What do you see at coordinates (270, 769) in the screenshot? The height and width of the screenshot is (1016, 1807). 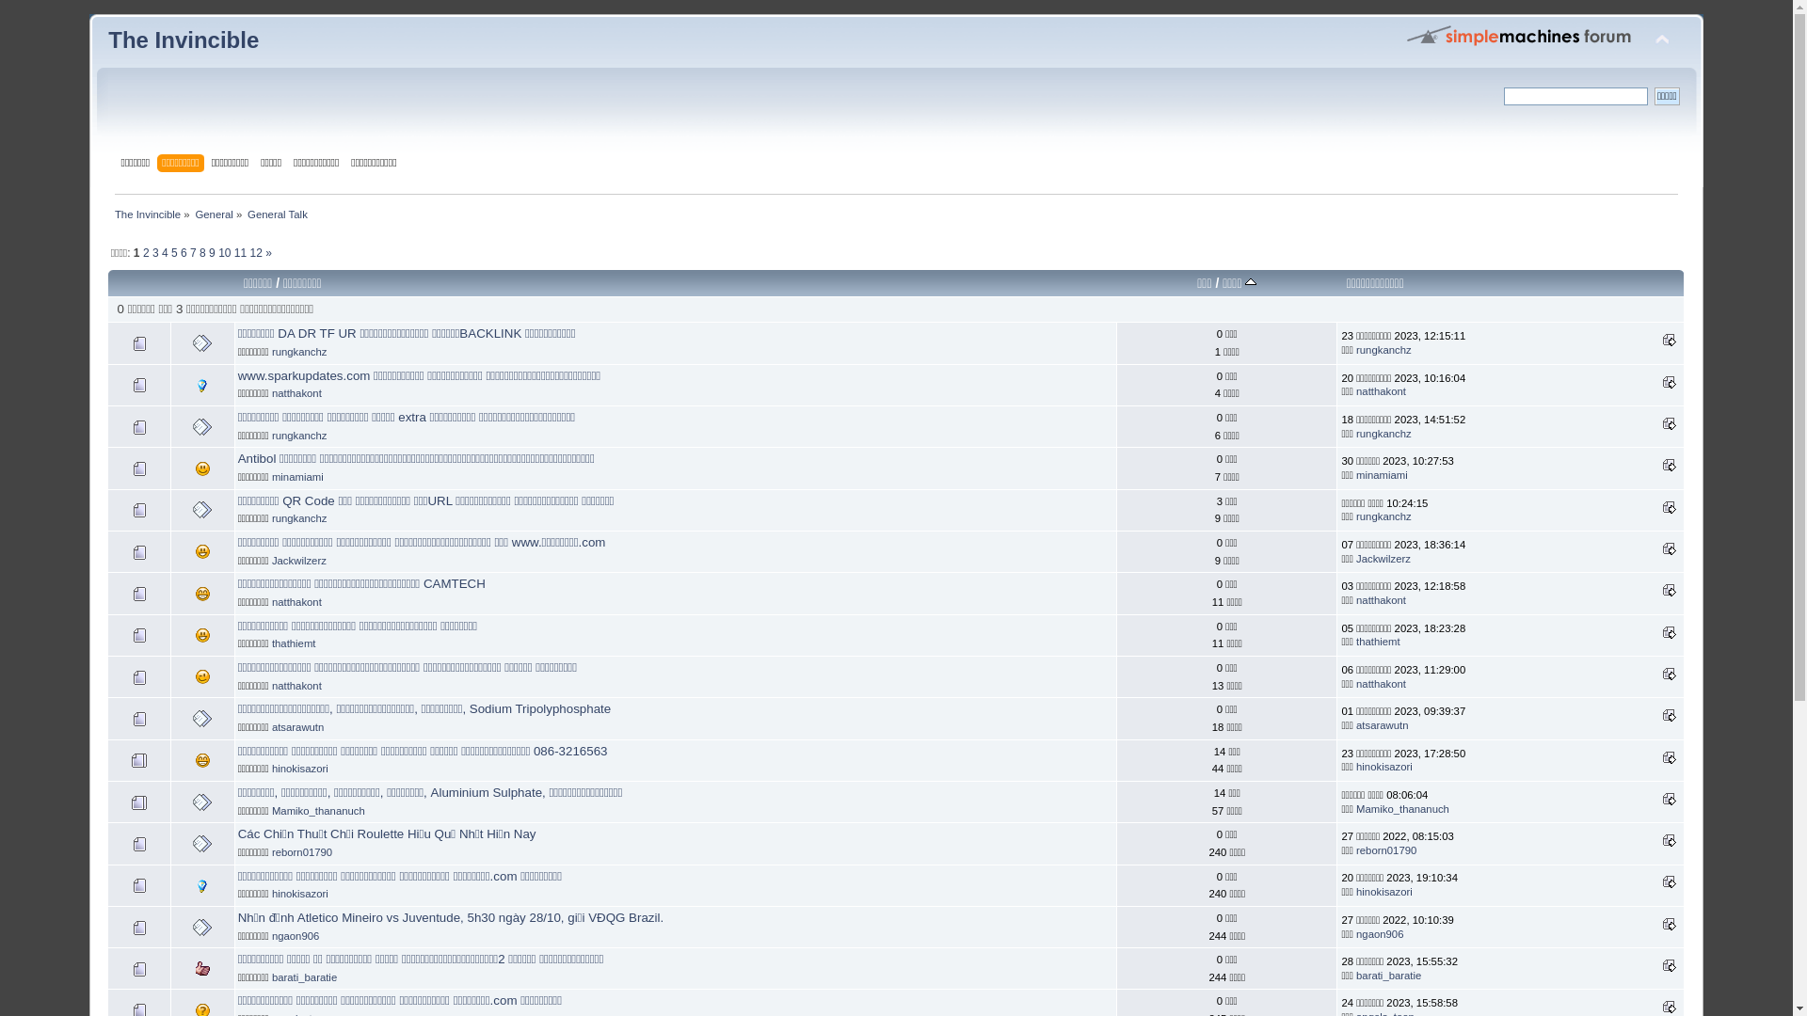 I see `'hinokisazori'` at bounding box center [270, 769].